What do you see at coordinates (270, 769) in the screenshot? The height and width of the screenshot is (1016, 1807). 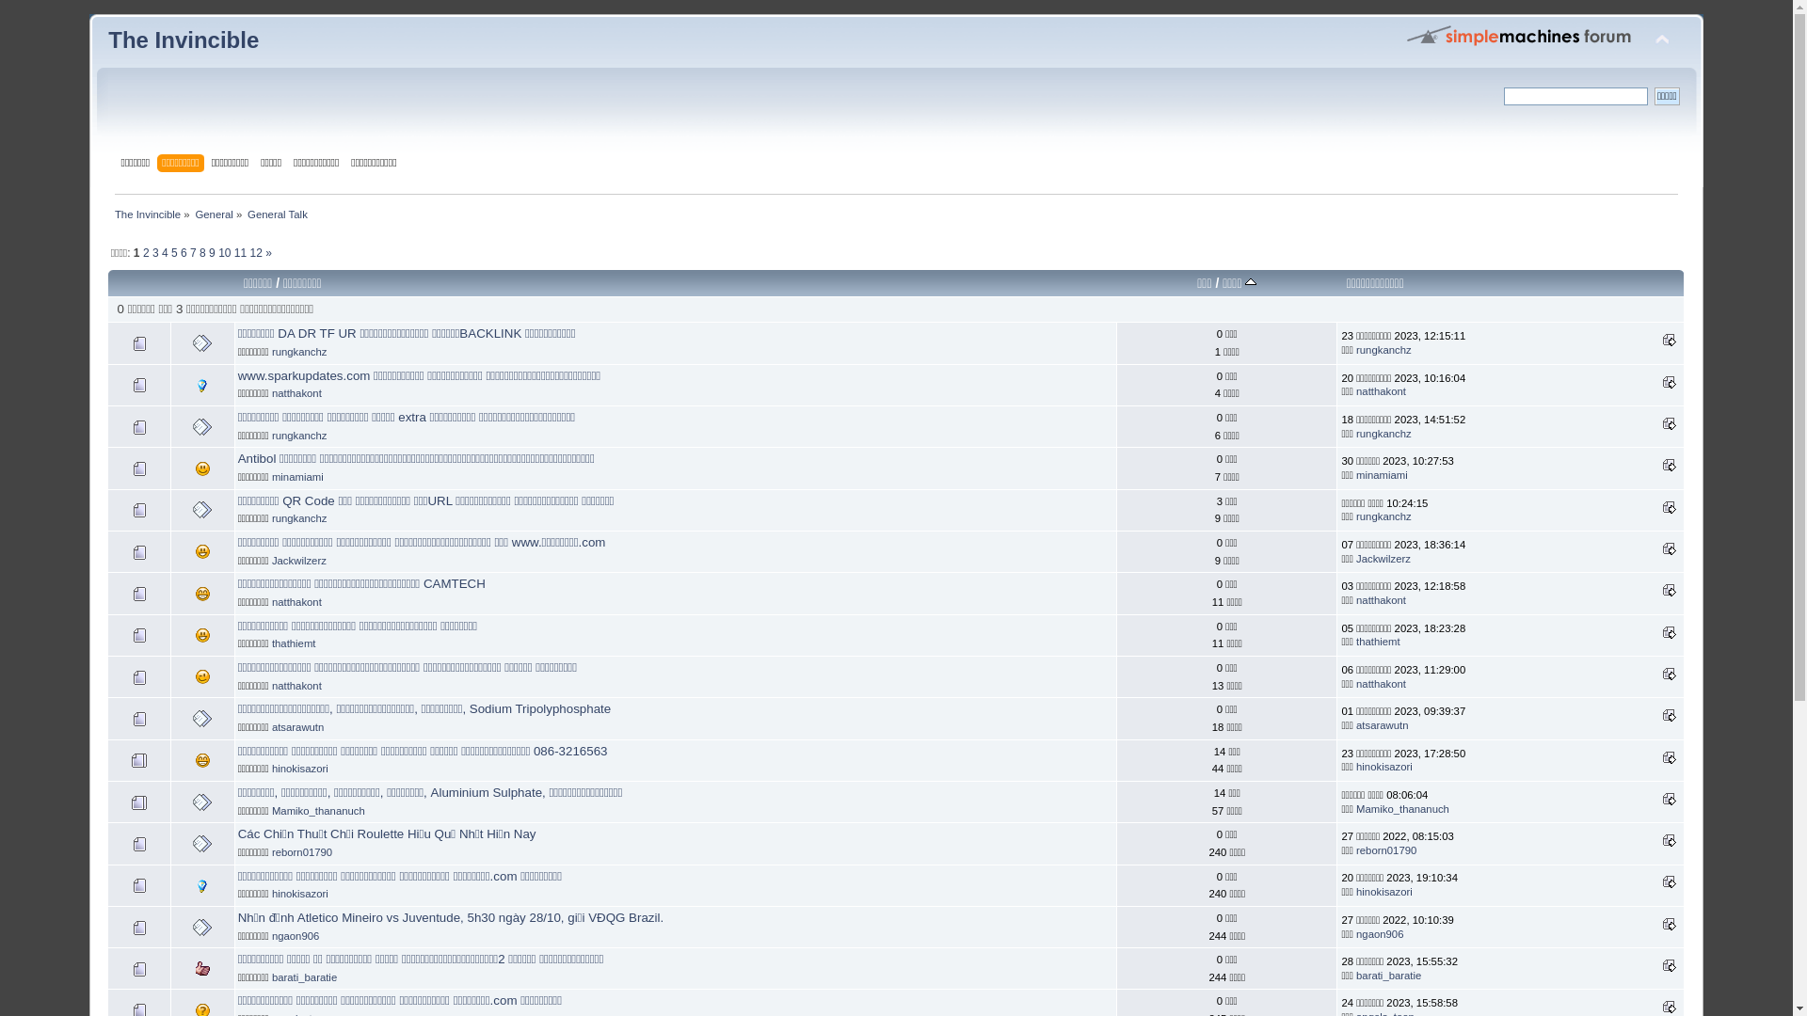 I see `'hinokisazori'` at bounding box center [270, 769].